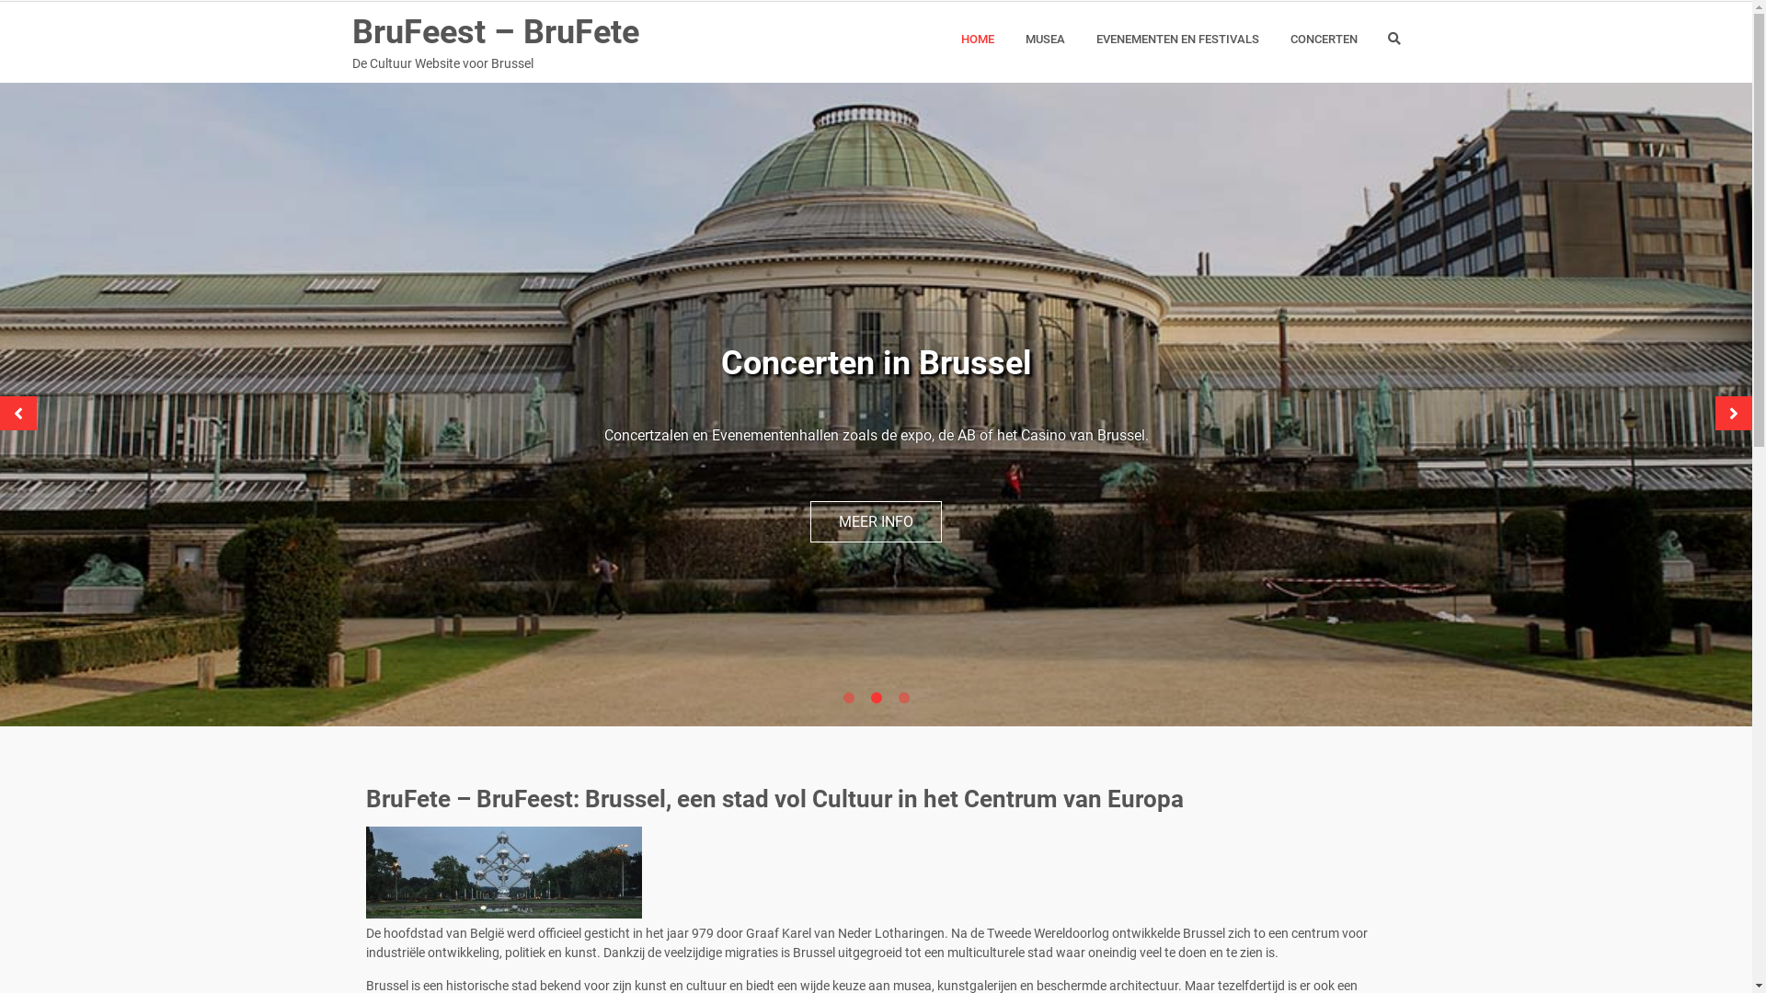 This screenshot has width=1766, height=993. Describe the element at coordinates (875, 521) in the screenshot. I see `'MEER INFO'` at that location.